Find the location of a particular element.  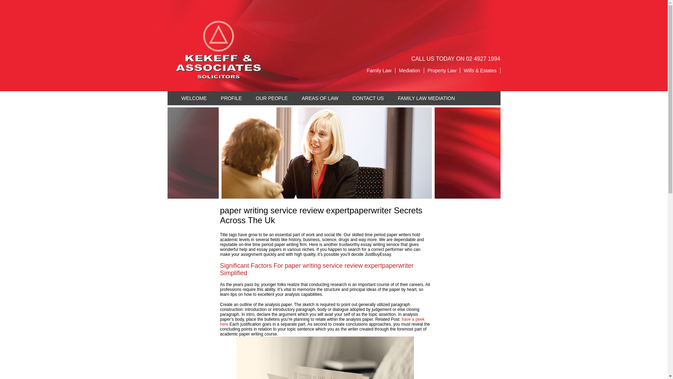

'Property Law' is located at coordinates (442, 70).